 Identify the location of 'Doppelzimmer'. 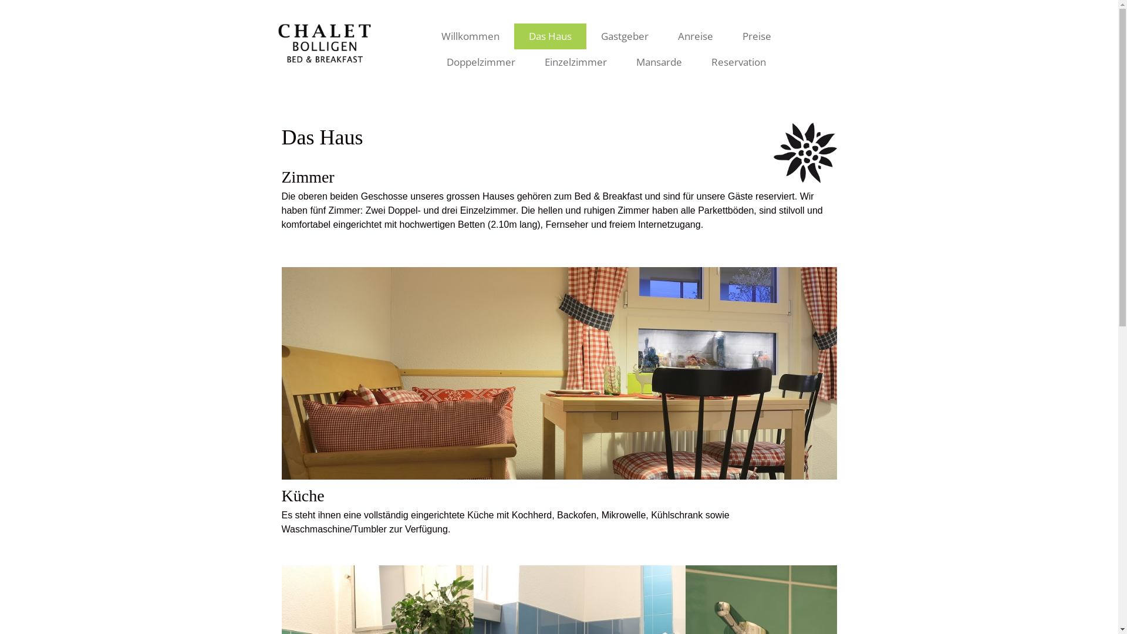
(481, 62).